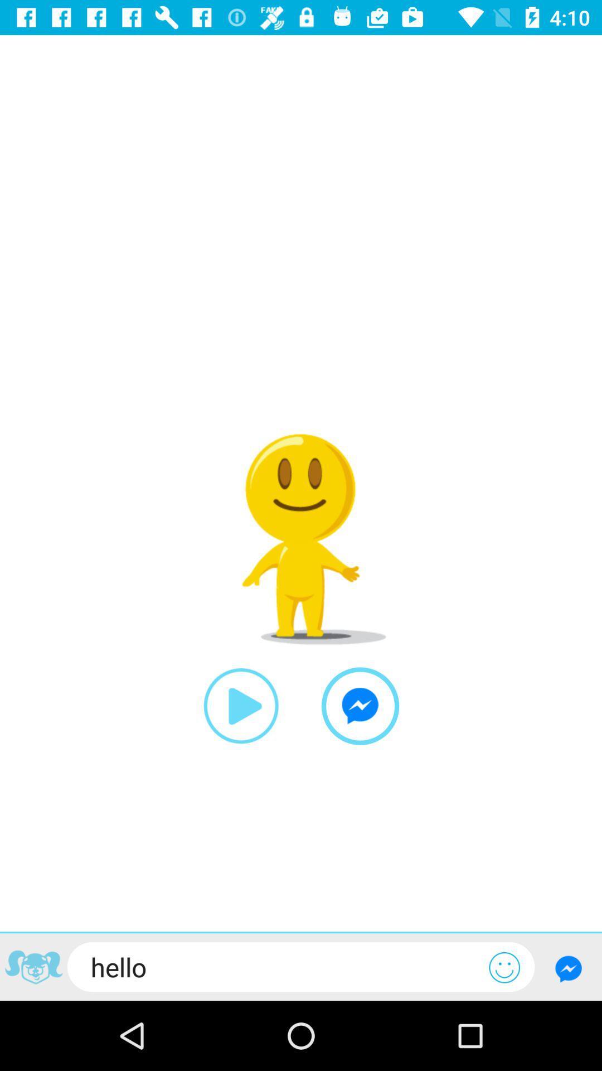 The height and width of the screenshot is (1071, 602). What do you see at coordinates (278, 966) in the screenshot?
I see `hello icon` at bounding box center [278, 966].